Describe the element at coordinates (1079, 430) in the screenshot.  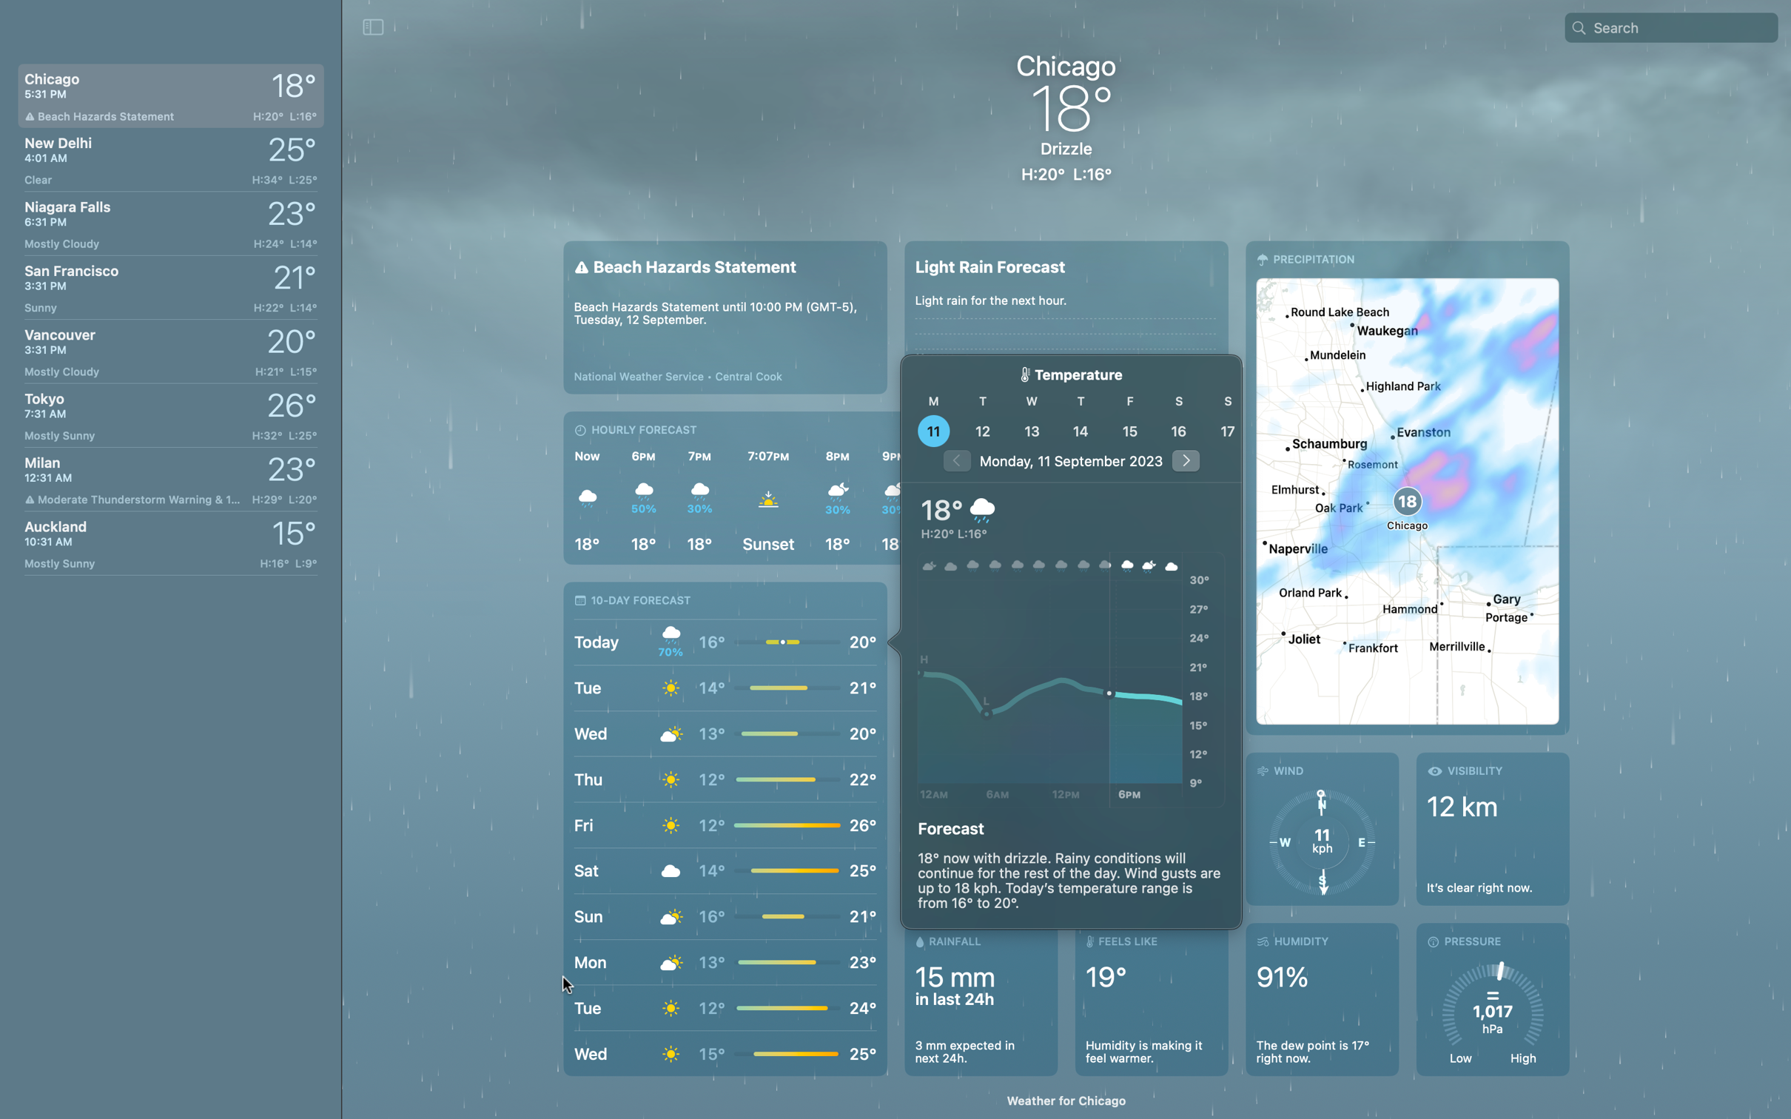
I see `See the meteorological conditions on the 14th` at that location.